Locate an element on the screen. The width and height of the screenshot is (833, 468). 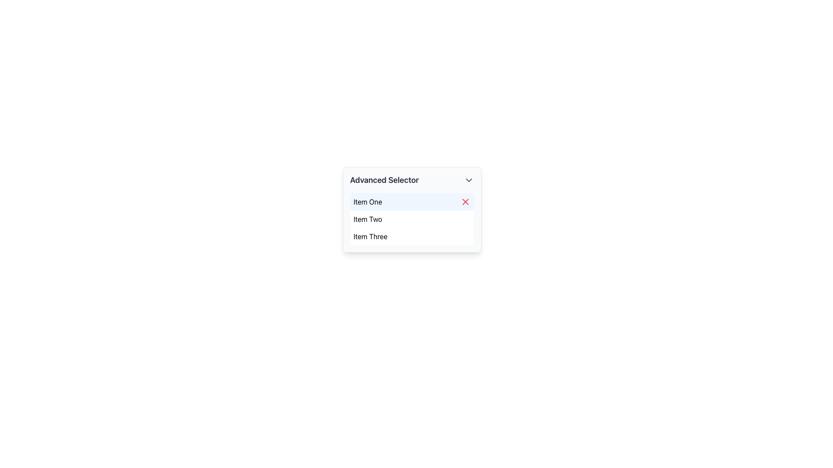
the text label 'Item Three' in the dropdown menu is located at coordinates (371, 237).